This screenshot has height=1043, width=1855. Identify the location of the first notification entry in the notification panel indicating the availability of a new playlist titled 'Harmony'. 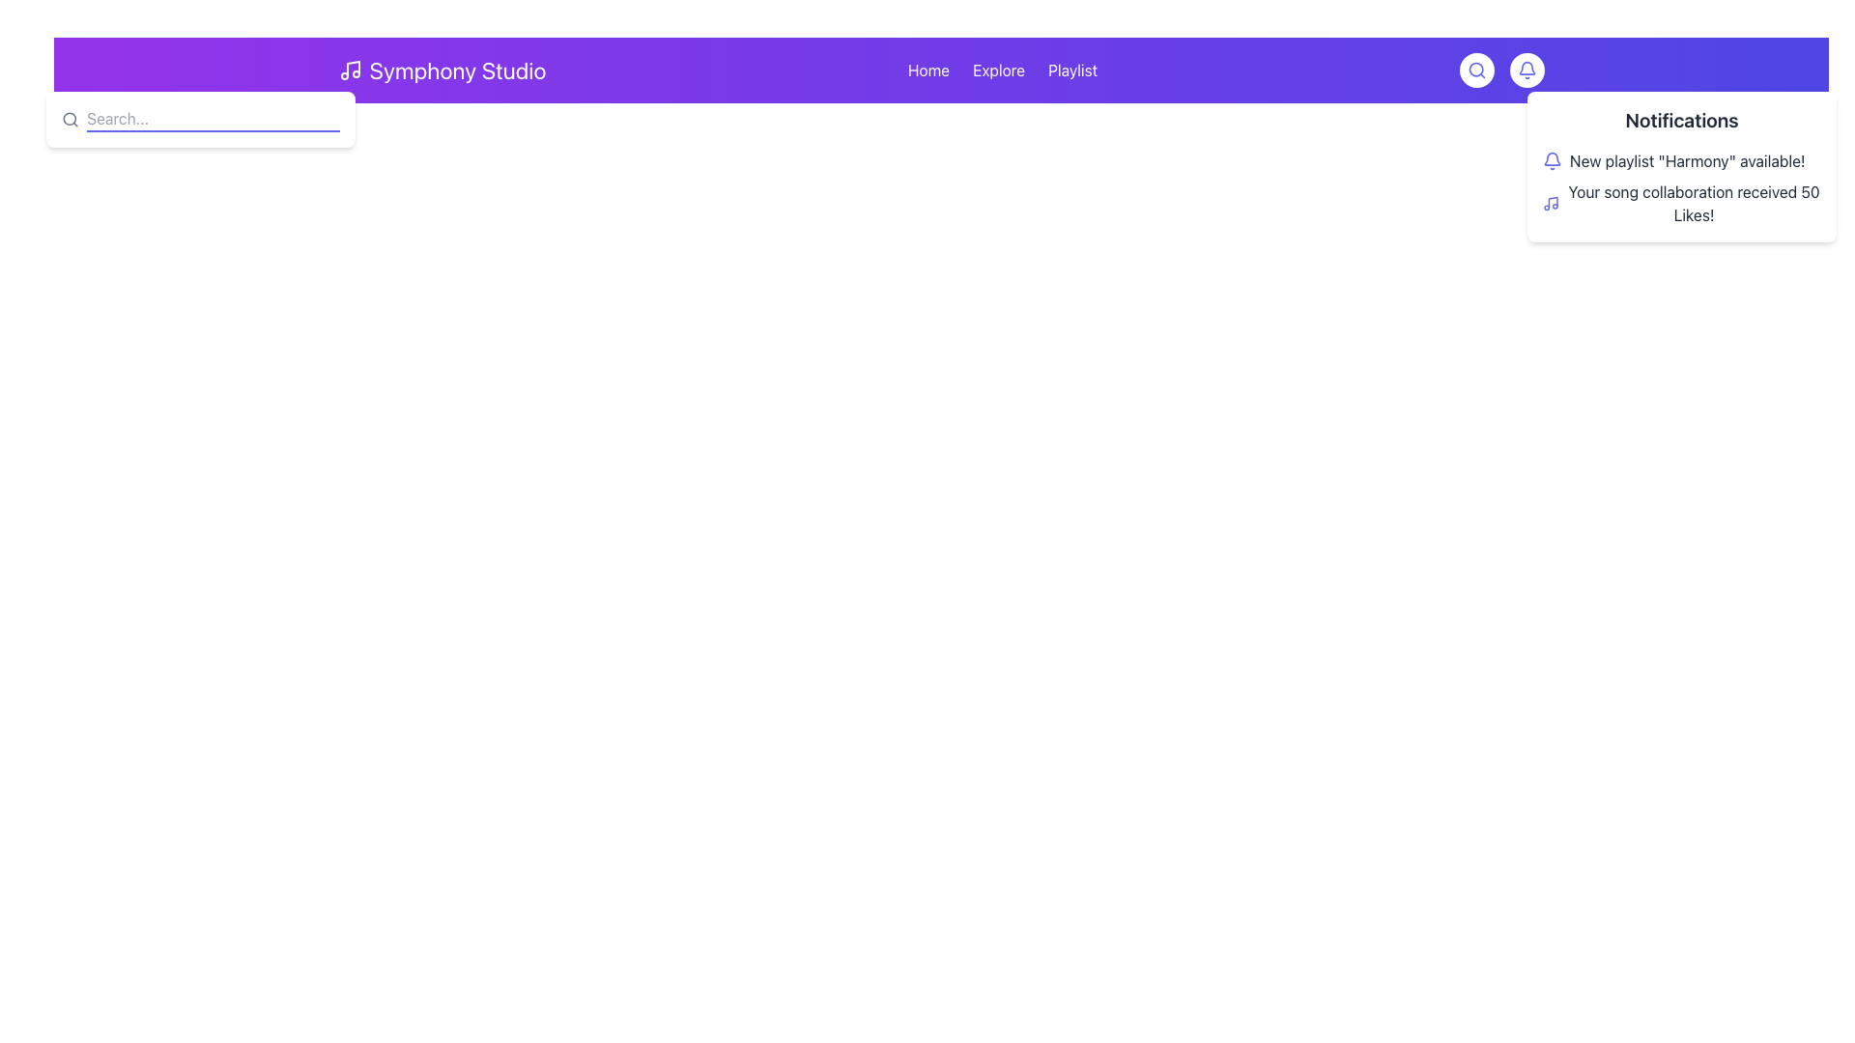
(1681, 159).